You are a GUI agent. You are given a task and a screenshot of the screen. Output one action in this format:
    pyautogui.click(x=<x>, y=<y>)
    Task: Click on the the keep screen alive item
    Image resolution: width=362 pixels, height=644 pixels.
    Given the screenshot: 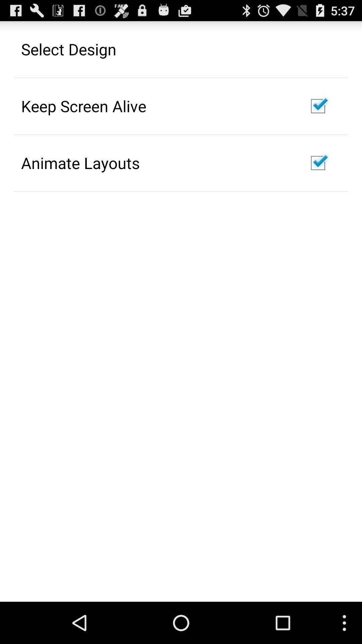 What is the action you would take?
    pyautogui.click(x=83, y=106)
    